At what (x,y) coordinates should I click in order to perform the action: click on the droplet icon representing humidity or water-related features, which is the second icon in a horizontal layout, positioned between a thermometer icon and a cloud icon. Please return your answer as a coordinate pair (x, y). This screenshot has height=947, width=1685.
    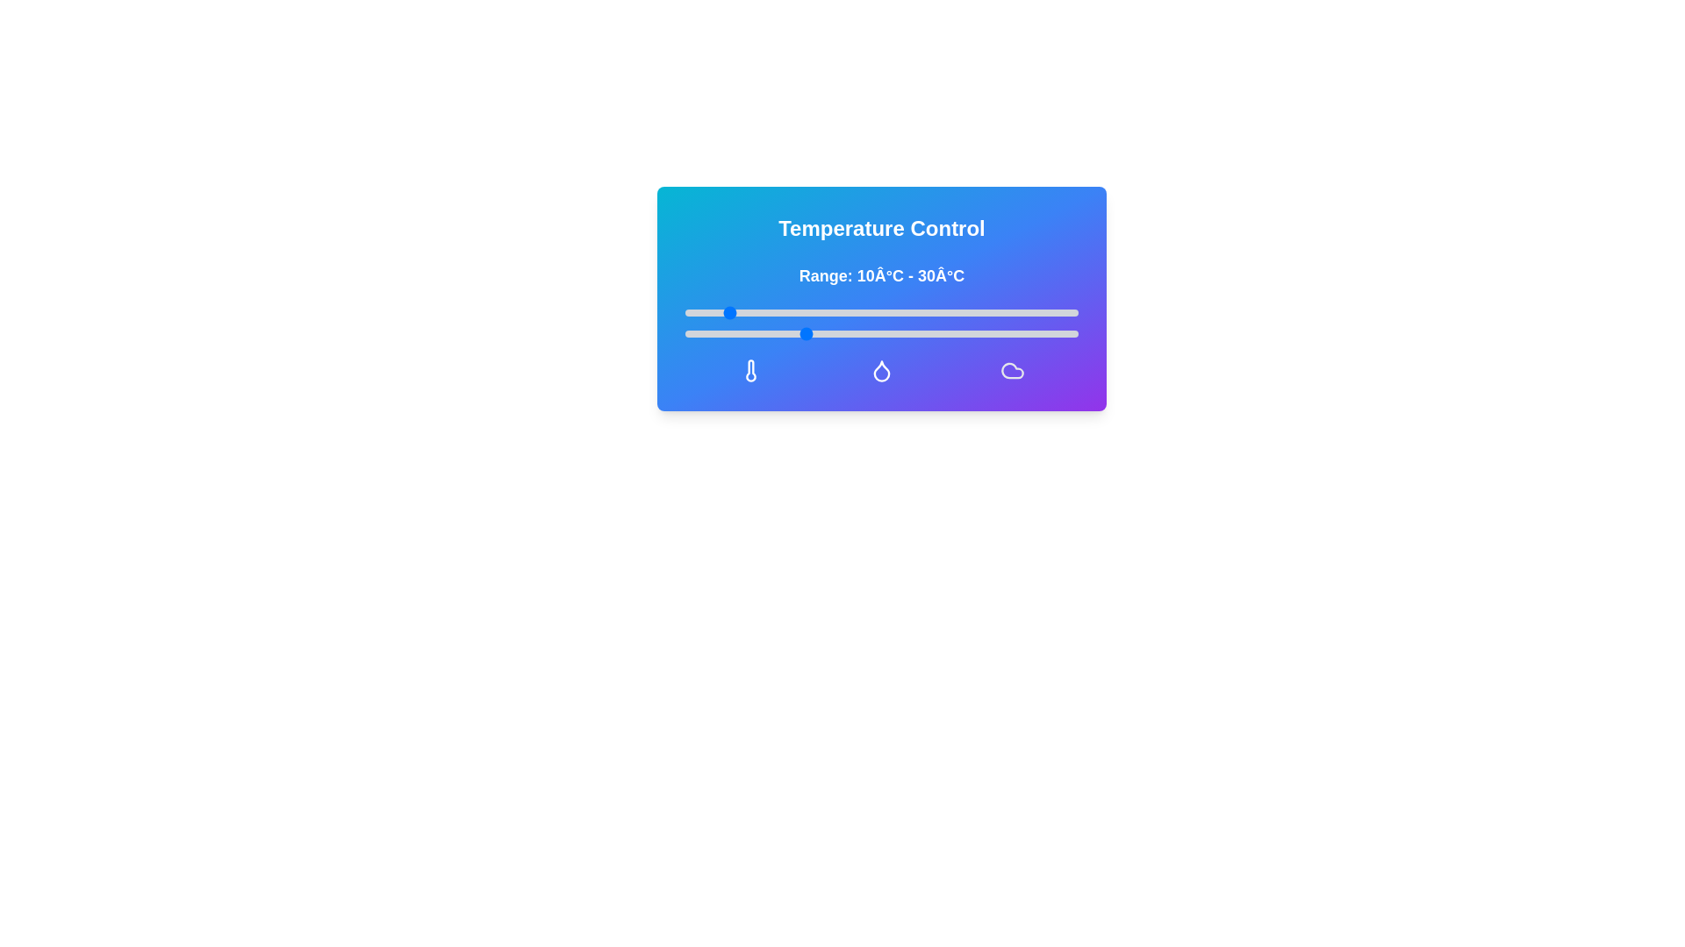
    Looking at the image, I should click on (881, 370).